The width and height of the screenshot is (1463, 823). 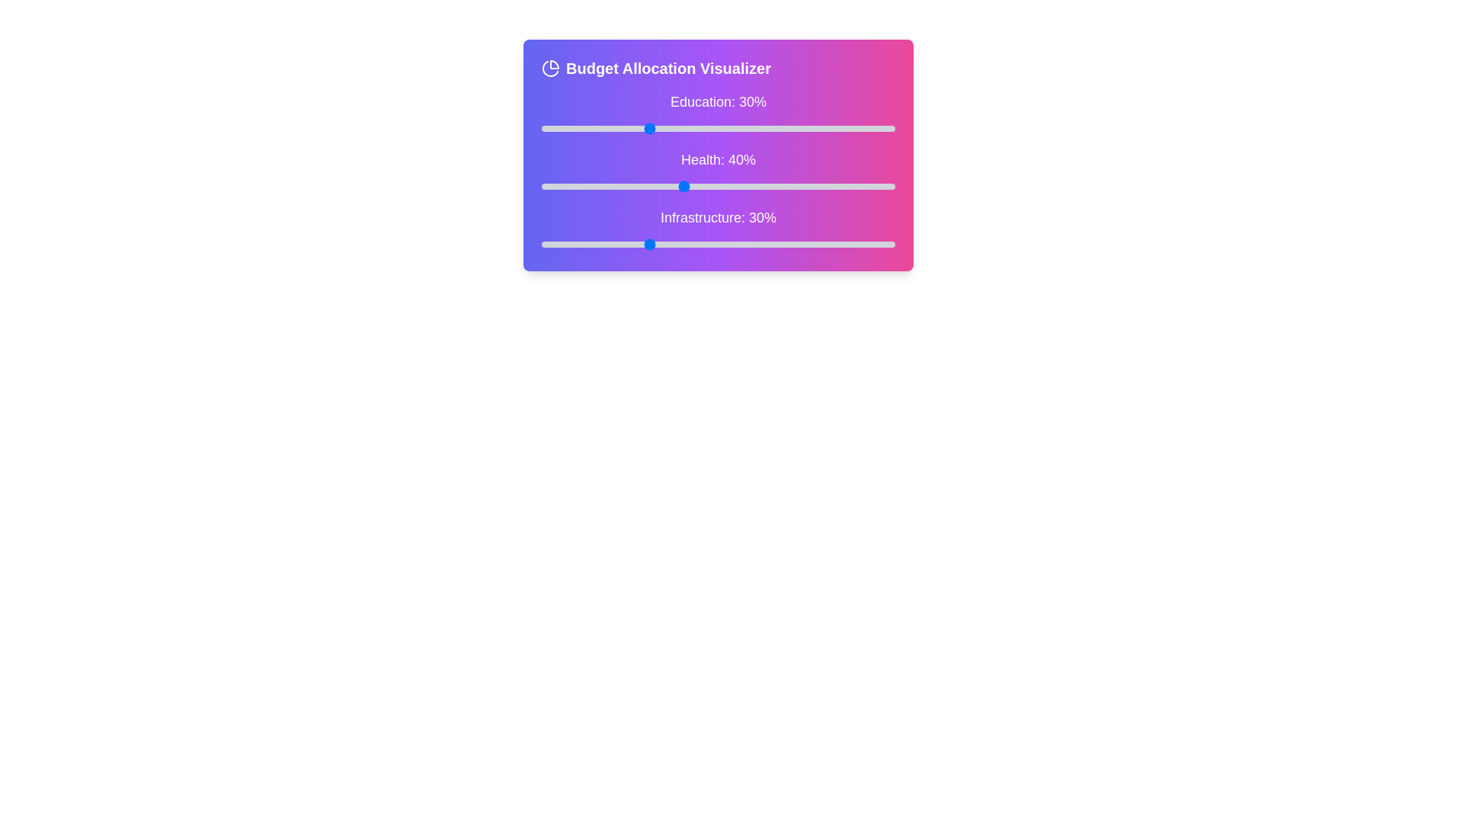 What do you see at coordinates (555, 243) in the screenshot?
I see `'Infrastructure' percentage` at bounding box center [555, 243].